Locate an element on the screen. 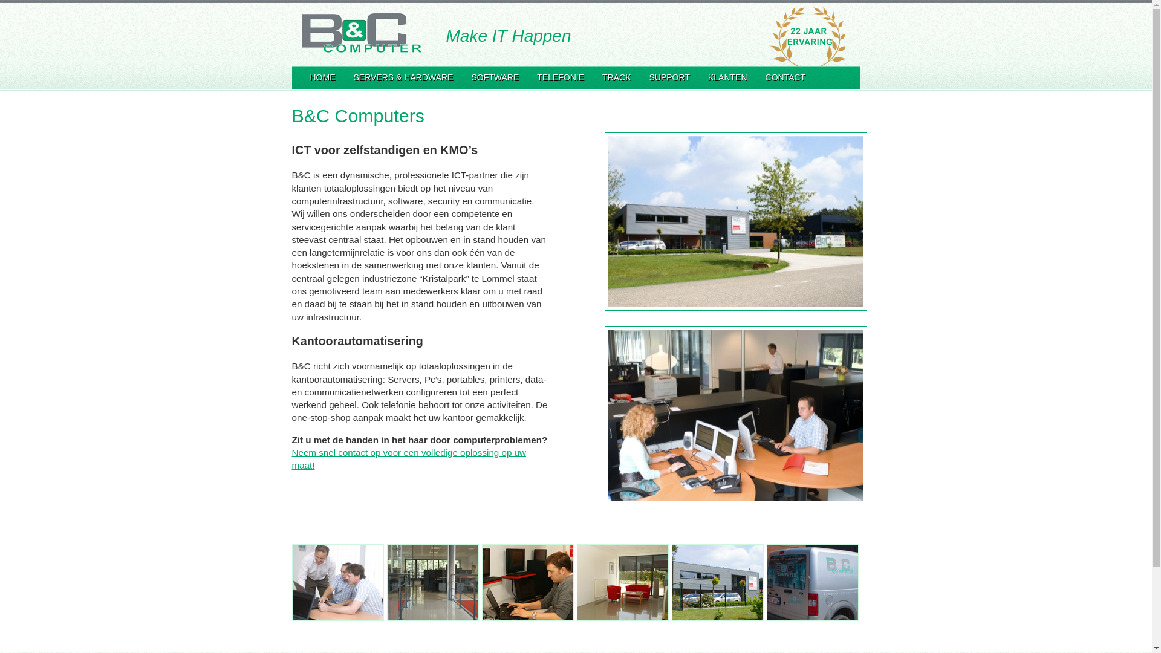  'HOME' is located at coordinates (322, 77).